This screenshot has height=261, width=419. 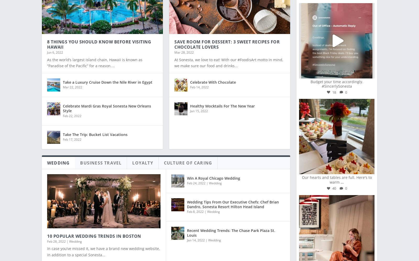 What do you see at coordinates (56, 75) in the screenshot?
I see `'Apr 10, 2022'` at bounding box center [56, 75].